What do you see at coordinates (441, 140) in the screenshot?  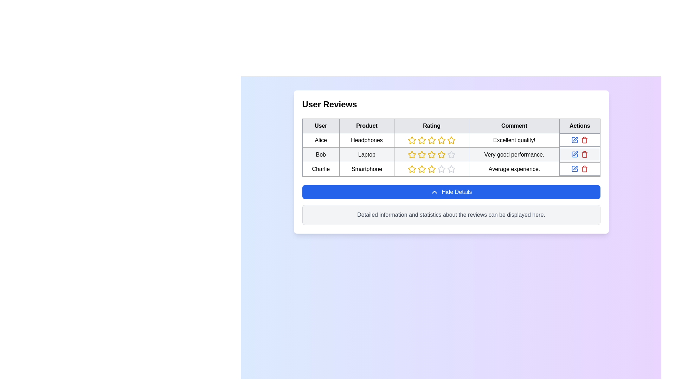 I see `the fifth star-shaped icon in the 'Rating' column of the 'User Reviews' table, which represents the rating of the 'Headphones' product reviewed by 'Alice'` at bounding box center [441, 140].